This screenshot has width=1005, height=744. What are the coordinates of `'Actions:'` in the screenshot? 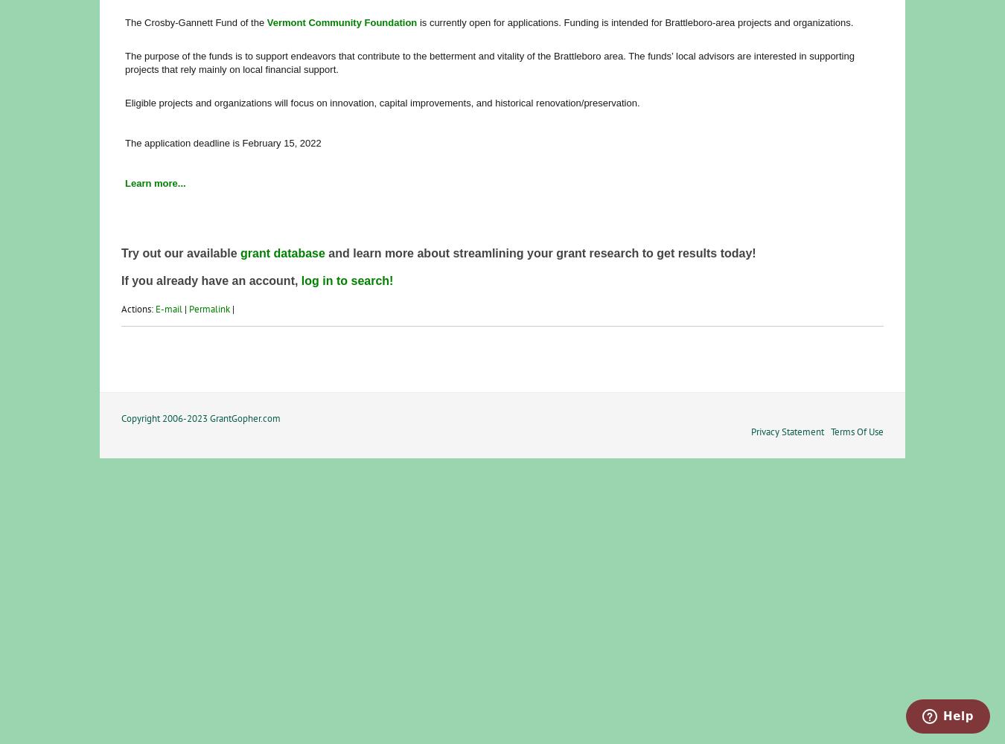 It's located at (138, 308).